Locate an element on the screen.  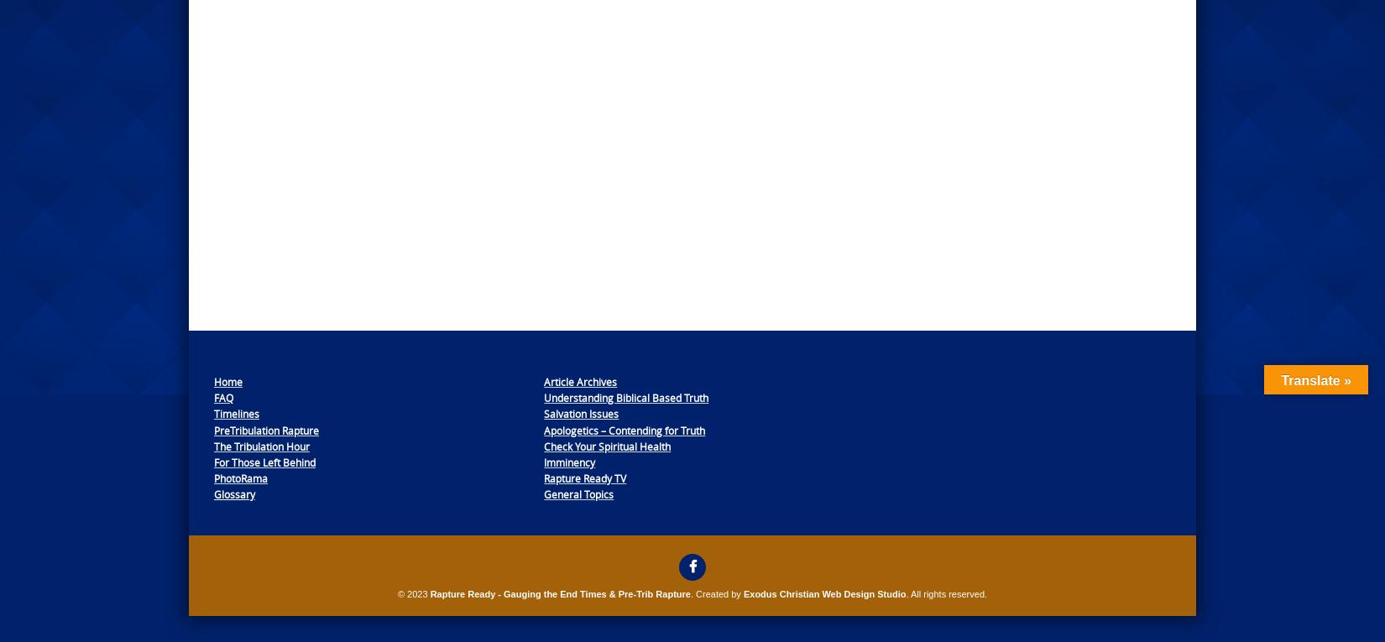
'Rapture Ready TV' is located at coordinates (542, 478).